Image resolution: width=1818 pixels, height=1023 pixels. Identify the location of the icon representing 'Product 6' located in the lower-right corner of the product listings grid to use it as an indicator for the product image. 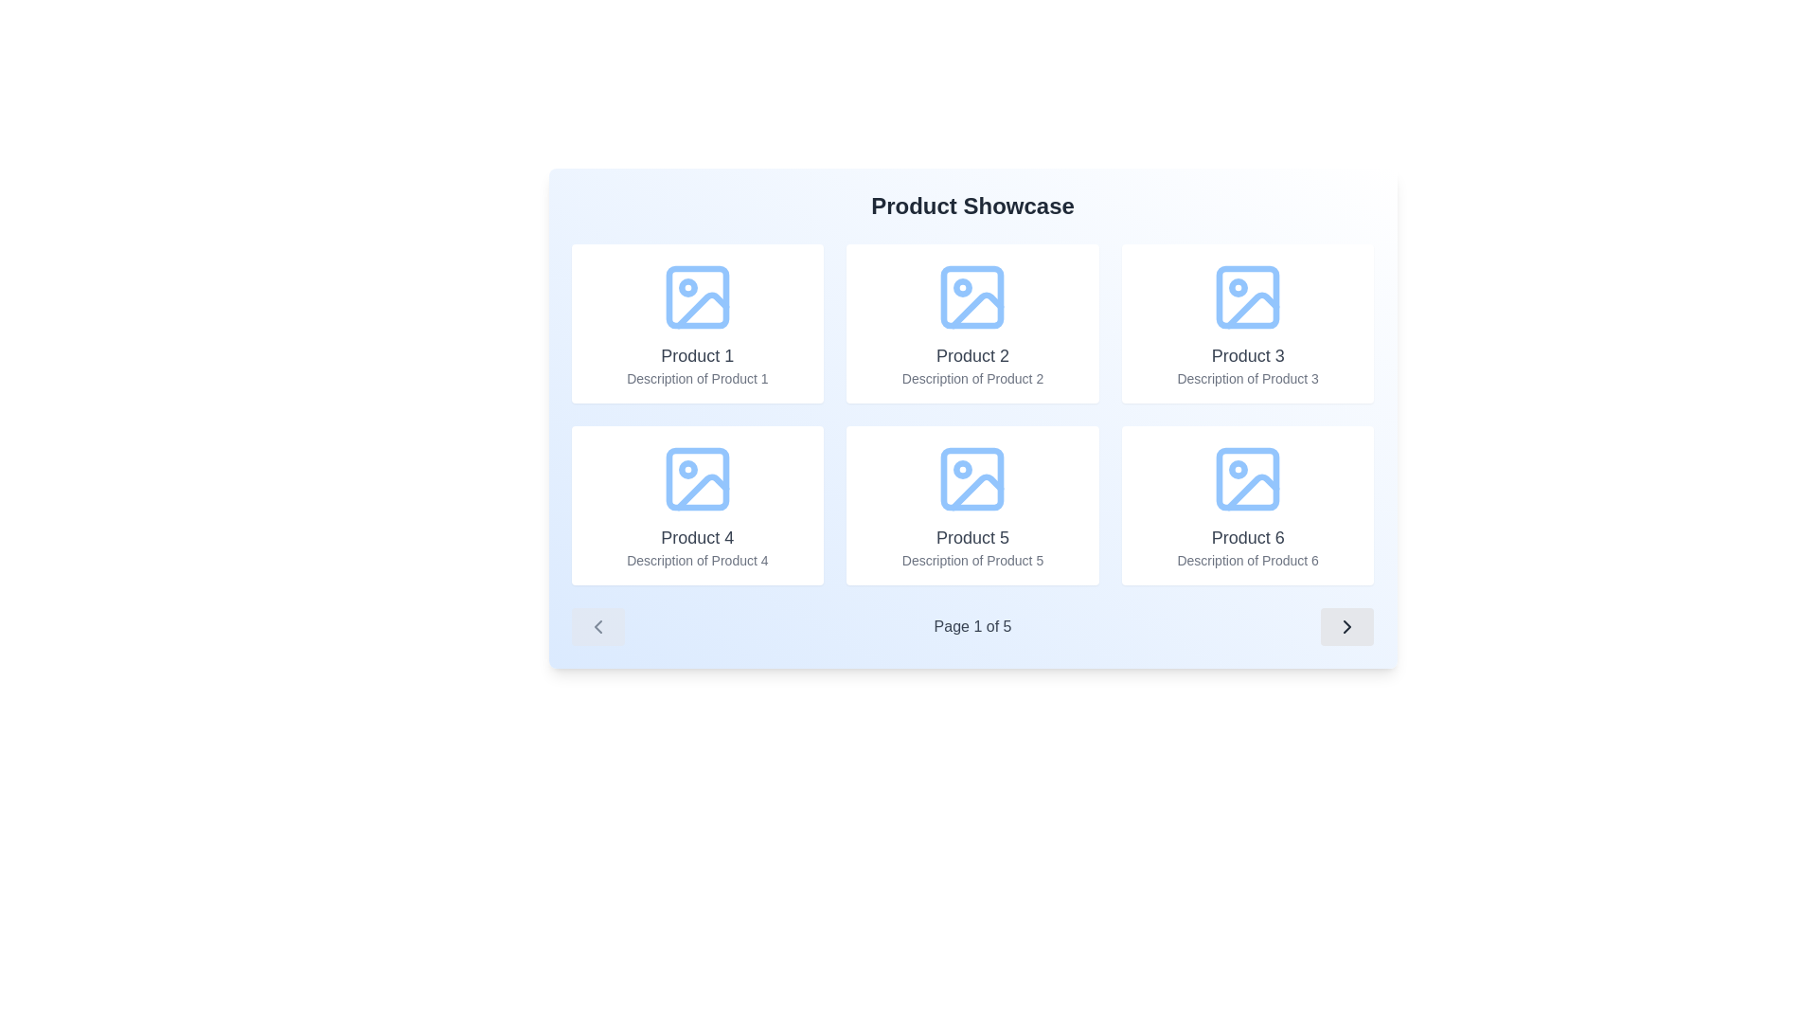
(1248, 477).